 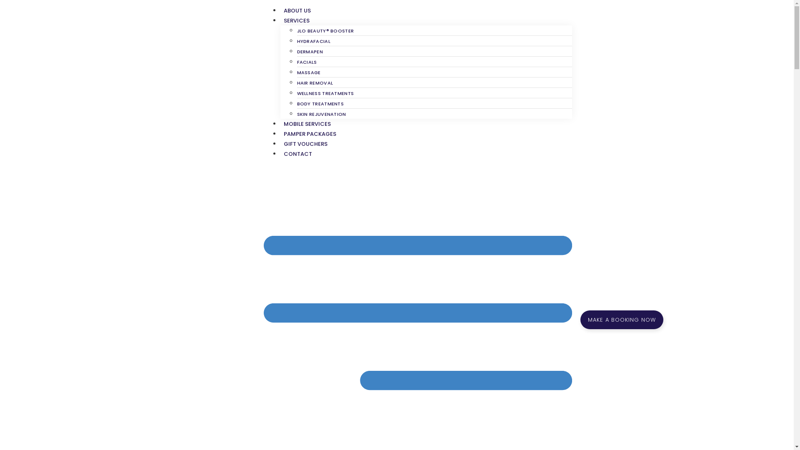 What do you see at coordinates (306, 124) in the screenshot?
I see `'MOBILE SERVICES'` at bounding box center [306, 124].